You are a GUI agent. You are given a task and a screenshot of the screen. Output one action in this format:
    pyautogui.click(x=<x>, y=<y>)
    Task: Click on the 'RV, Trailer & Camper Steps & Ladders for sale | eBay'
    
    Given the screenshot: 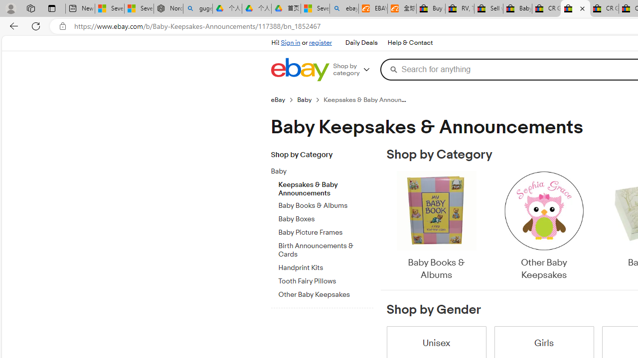 What is the action you would take?
    pyautogui.click(x=459, y=8)
    